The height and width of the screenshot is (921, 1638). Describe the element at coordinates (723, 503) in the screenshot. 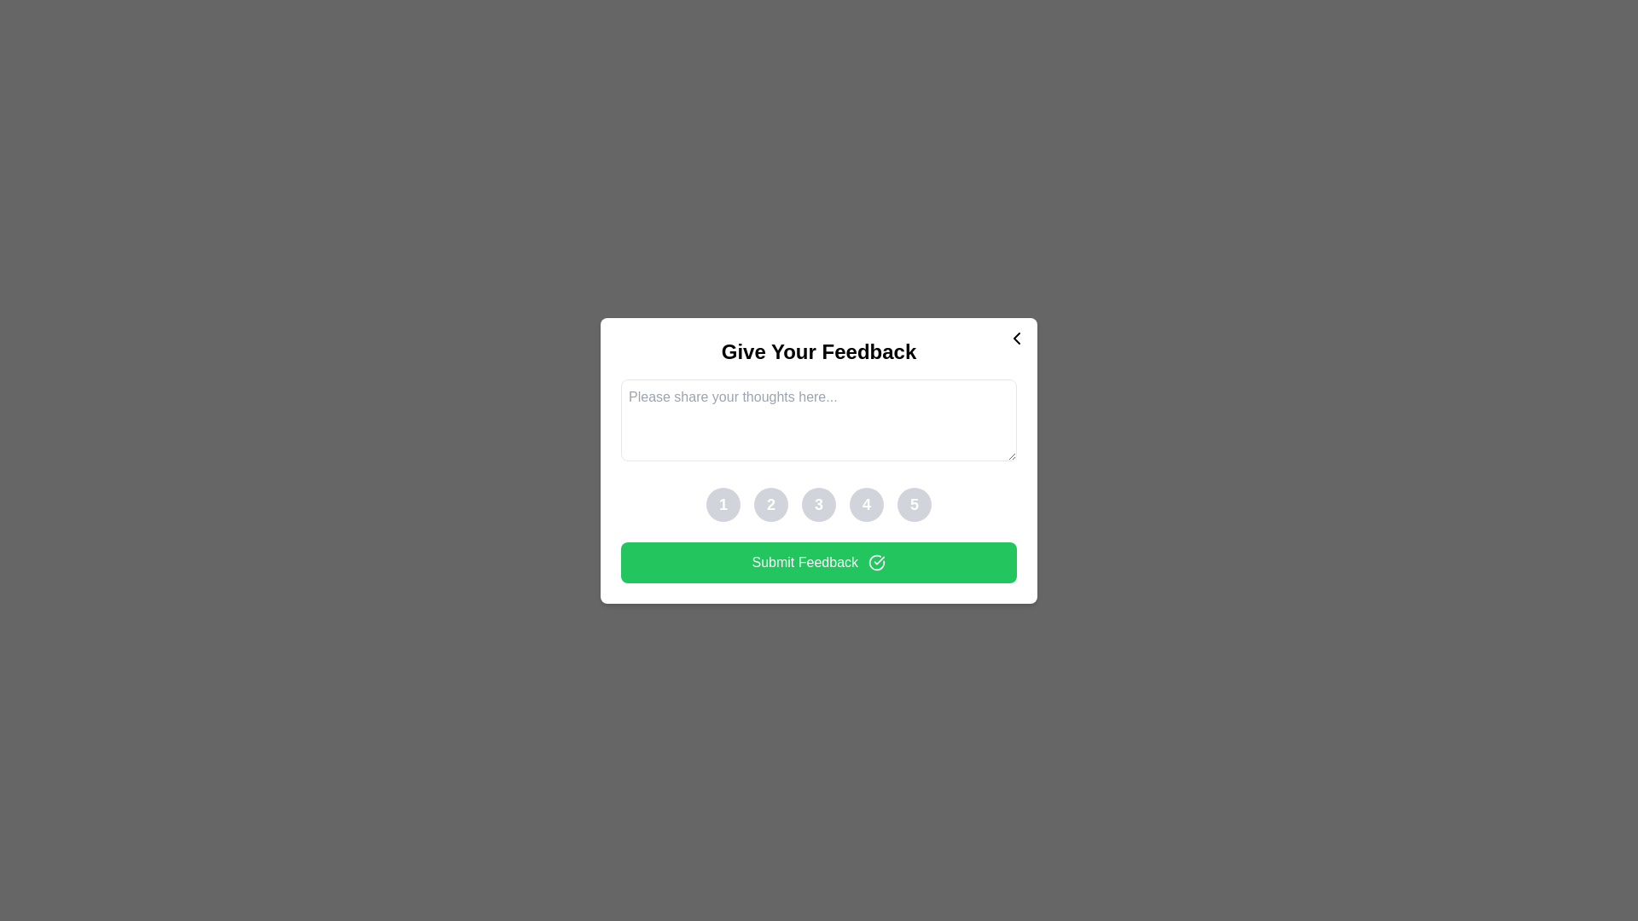

I see `the button corresponding to the rating 1` at that location.